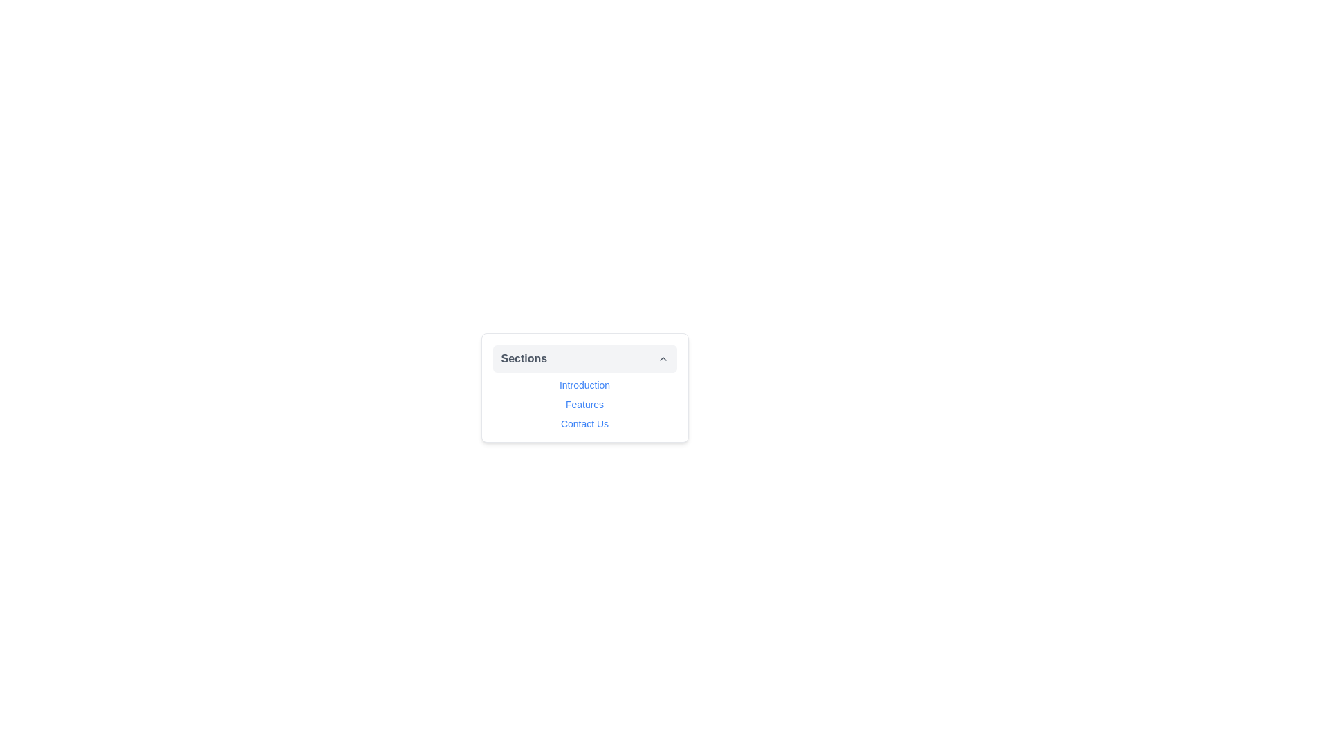 This screenshot has width=1328, height=747. What do you see at coordinates (584, 385) in the screenshot?
I see `the 'Introduction' hyperlink in the 'Sections' dropdown menu` at bounding box center [584, 385].